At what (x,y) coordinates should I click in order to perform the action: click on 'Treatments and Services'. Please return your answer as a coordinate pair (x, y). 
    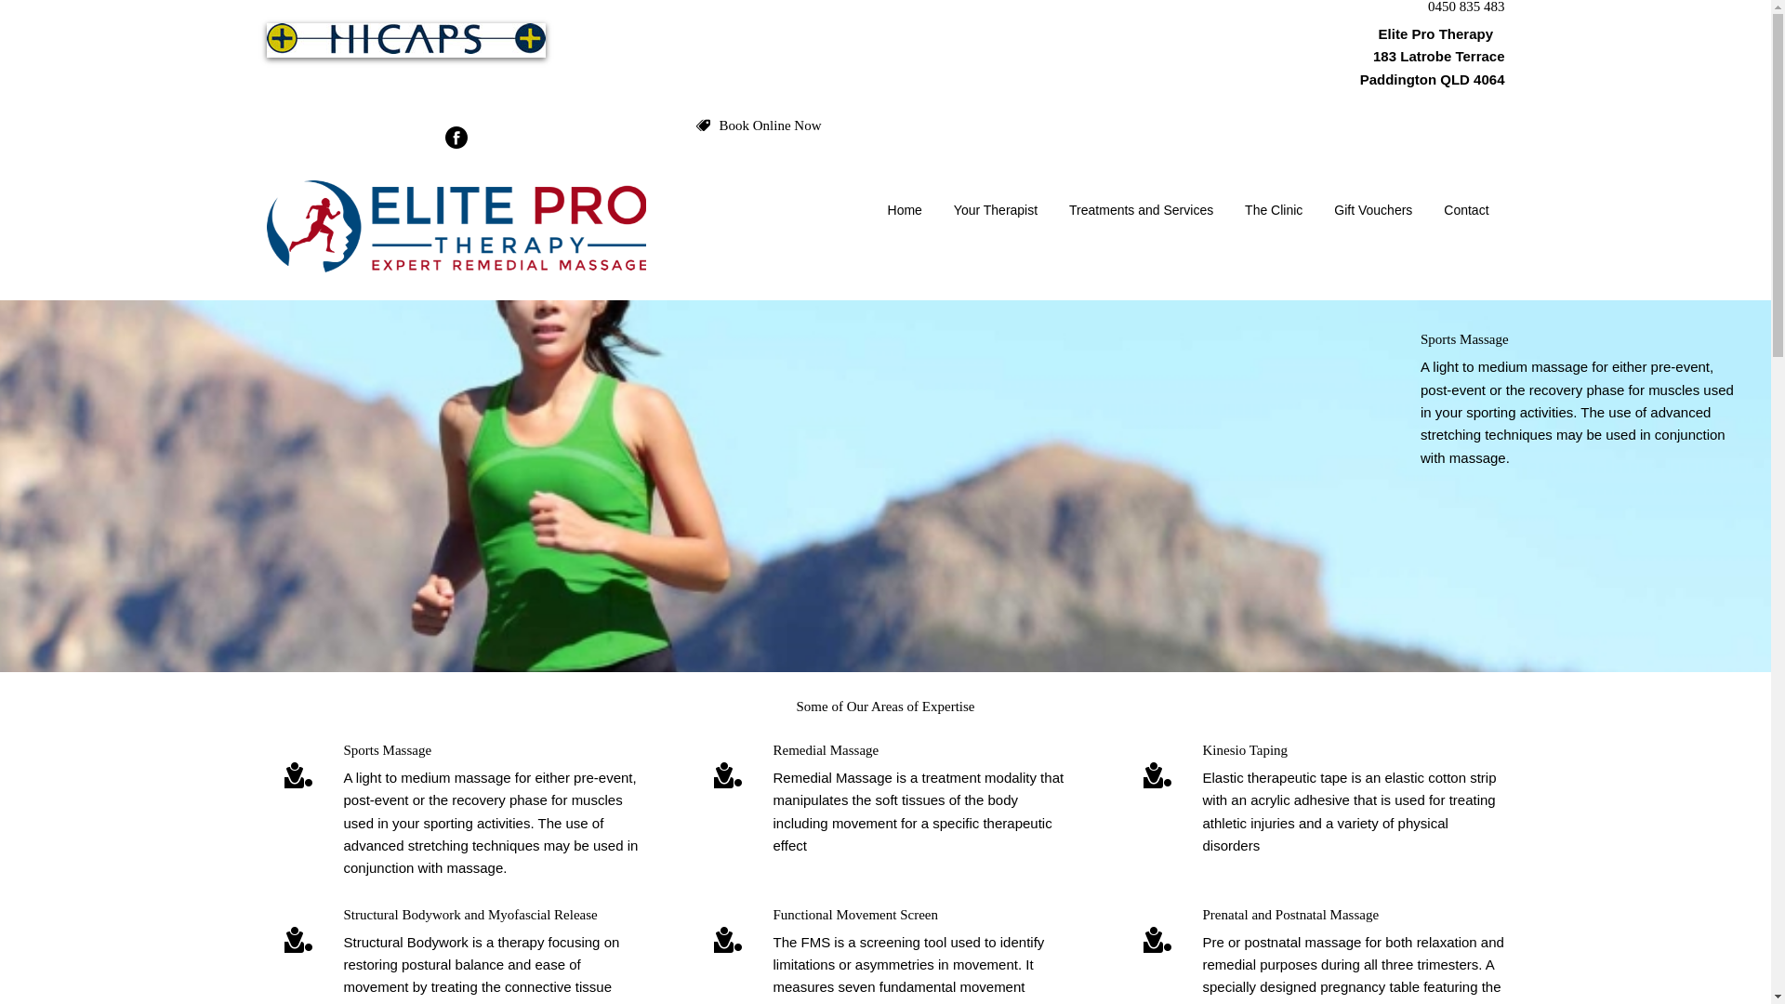
    Looking at the image, I should click on (1140, 209).